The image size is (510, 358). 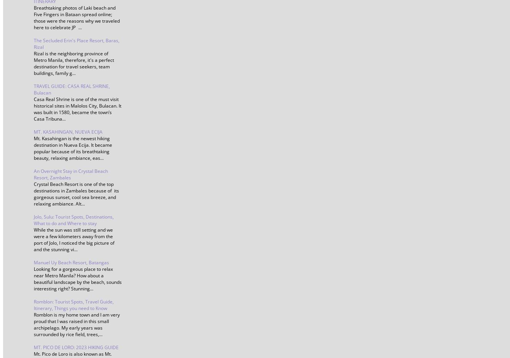 I want to click on 'Romblon is my home town and I am very proud that I was raised in this small archipelago. My early years was surrounded by rice field, trees,...', so click(x=76, y=324).